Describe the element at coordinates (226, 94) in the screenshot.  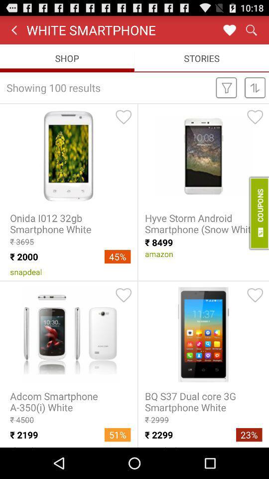
I see `the filter icon` at that location.